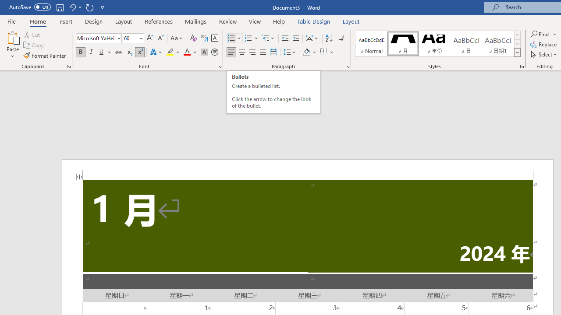 Image resolution: width=561 pixels, height=315 pixels. Describe the element at coordinates (65, 21) in the screenshot. I see `'Insert'` at that location.